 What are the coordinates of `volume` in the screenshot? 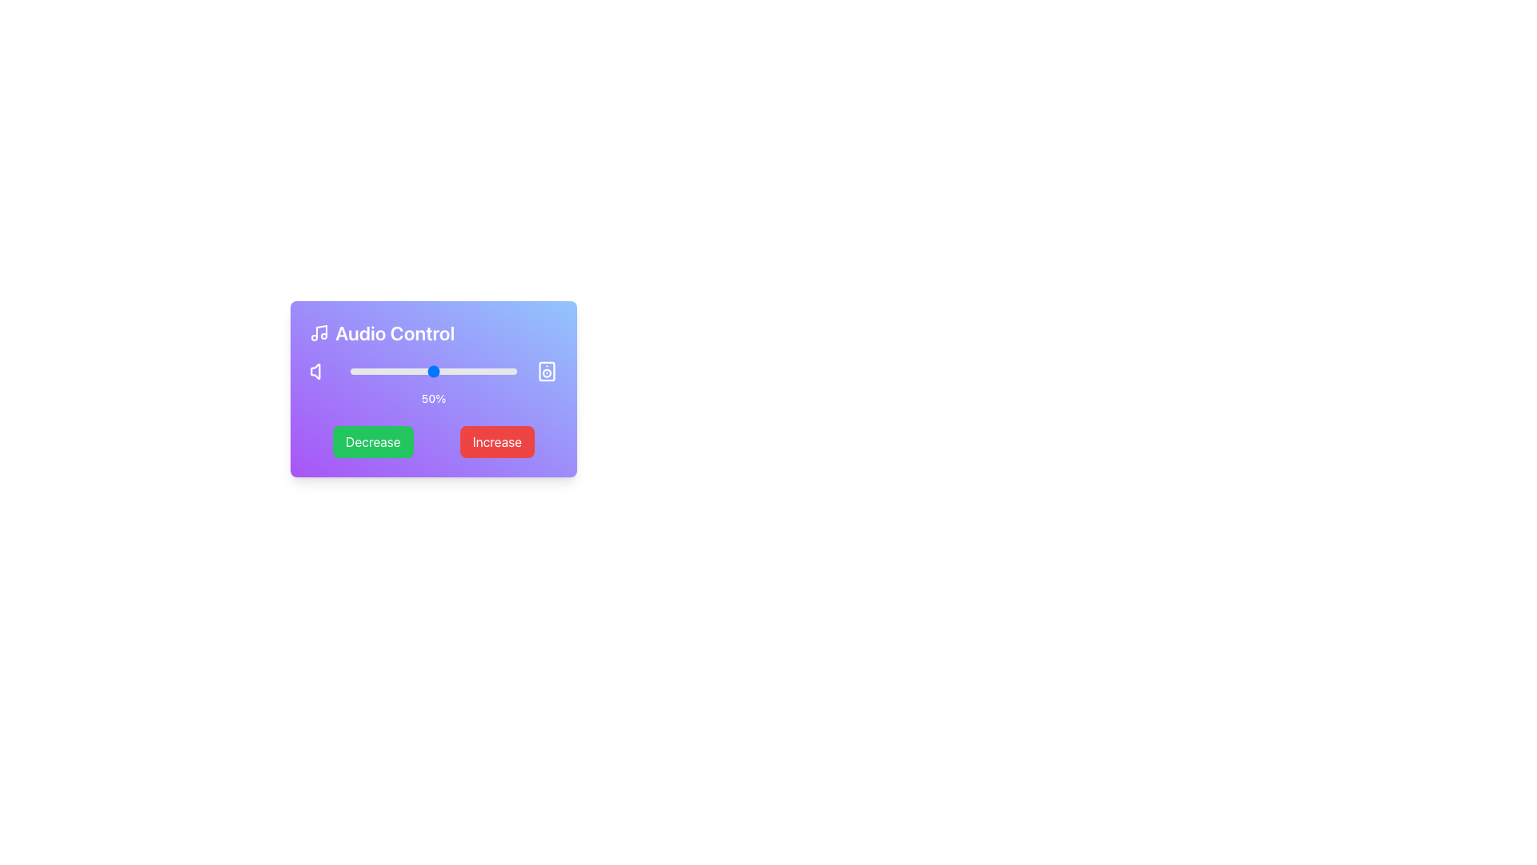 It's located at (397, 371).